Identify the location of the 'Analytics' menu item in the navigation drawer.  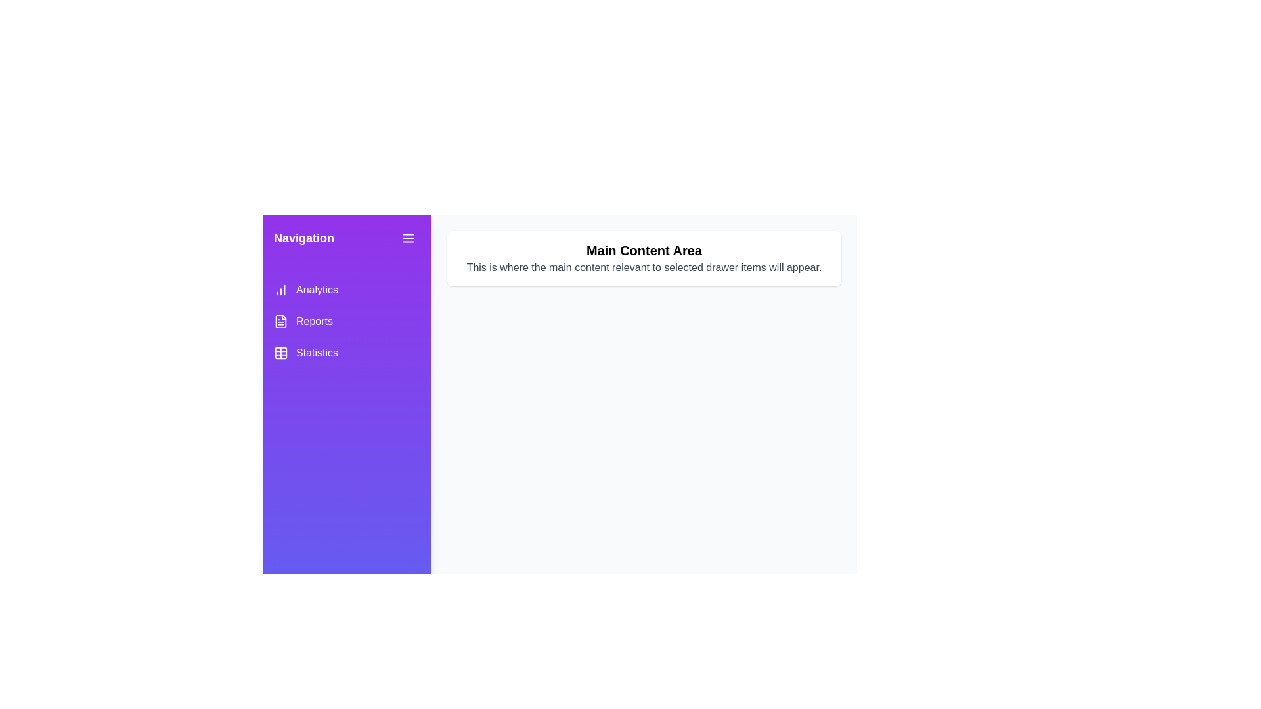
(347, 290).